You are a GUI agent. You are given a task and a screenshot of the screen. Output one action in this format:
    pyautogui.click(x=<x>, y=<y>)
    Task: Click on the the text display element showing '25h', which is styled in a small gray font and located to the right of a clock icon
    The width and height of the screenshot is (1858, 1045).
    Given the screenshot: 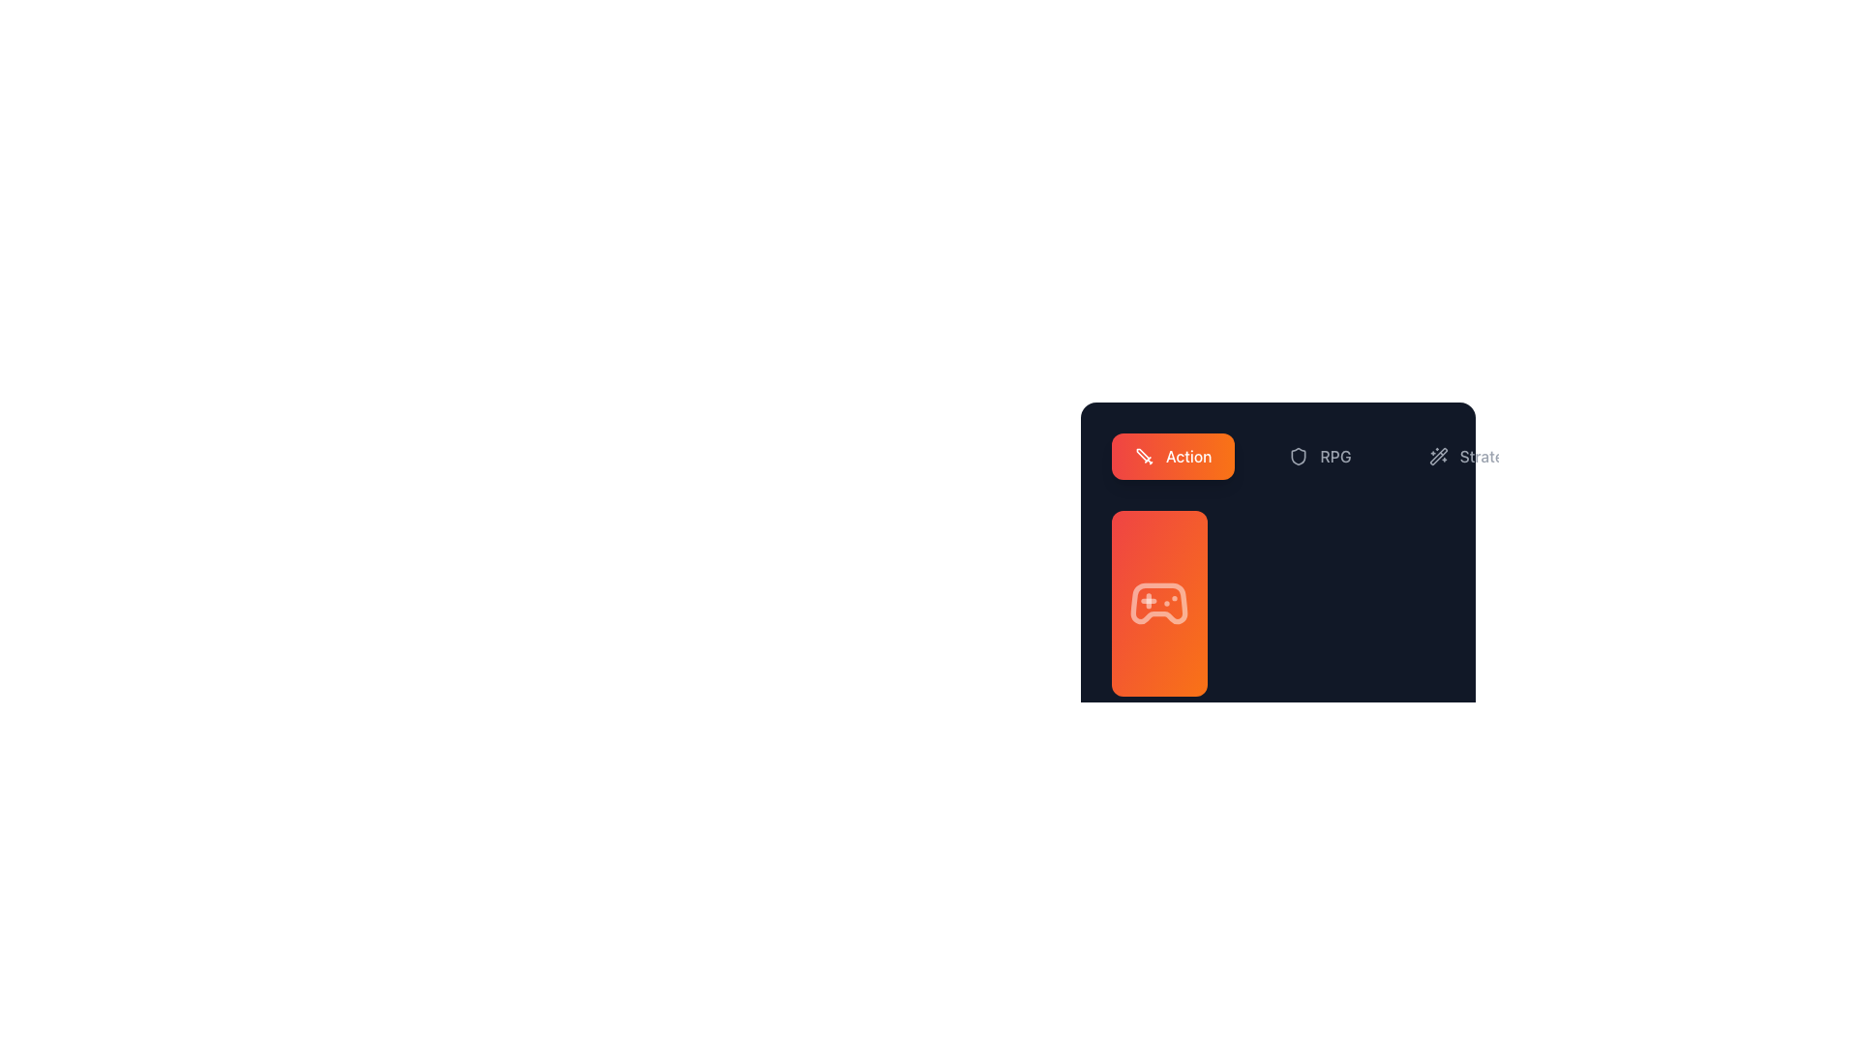 What is the action you would take?
    pyautogui.click(x=1158, y=596)
    